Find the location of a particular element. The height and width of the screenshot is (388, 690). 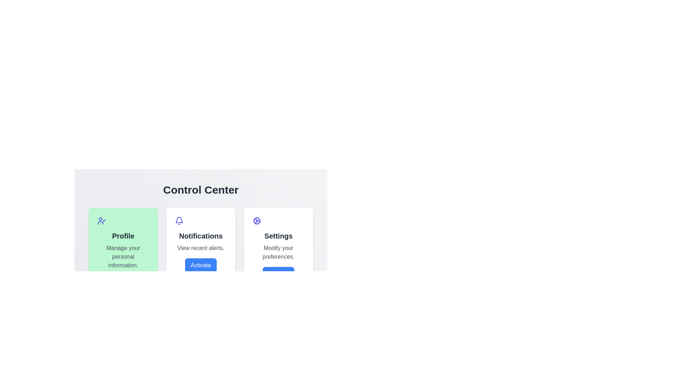

the button located at the bottom of the 'Settings' card within the 'Control Center' section is located at coordinates (278, 274).